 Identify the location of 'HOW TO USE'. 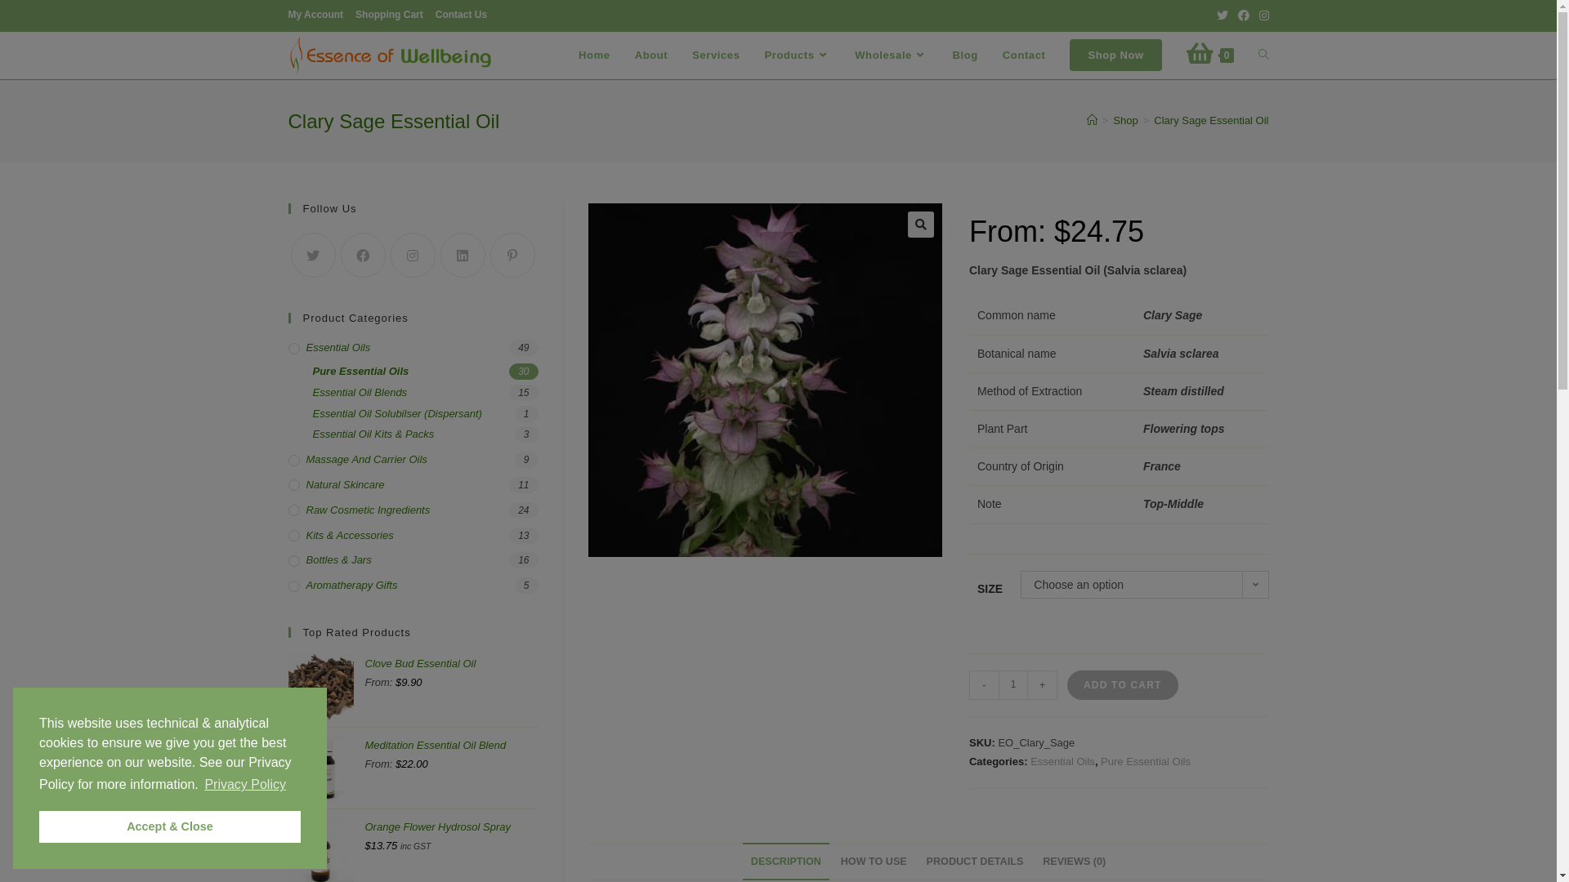
(873, 861).